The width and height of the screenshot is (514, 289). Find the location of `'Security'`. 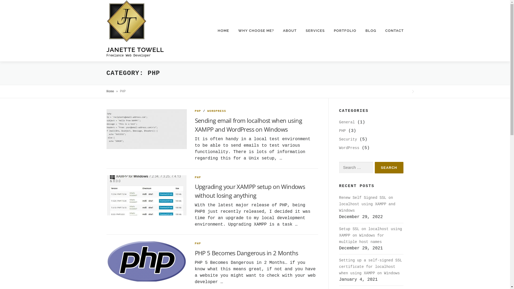

'Security' is located at coordinates (339, 139).